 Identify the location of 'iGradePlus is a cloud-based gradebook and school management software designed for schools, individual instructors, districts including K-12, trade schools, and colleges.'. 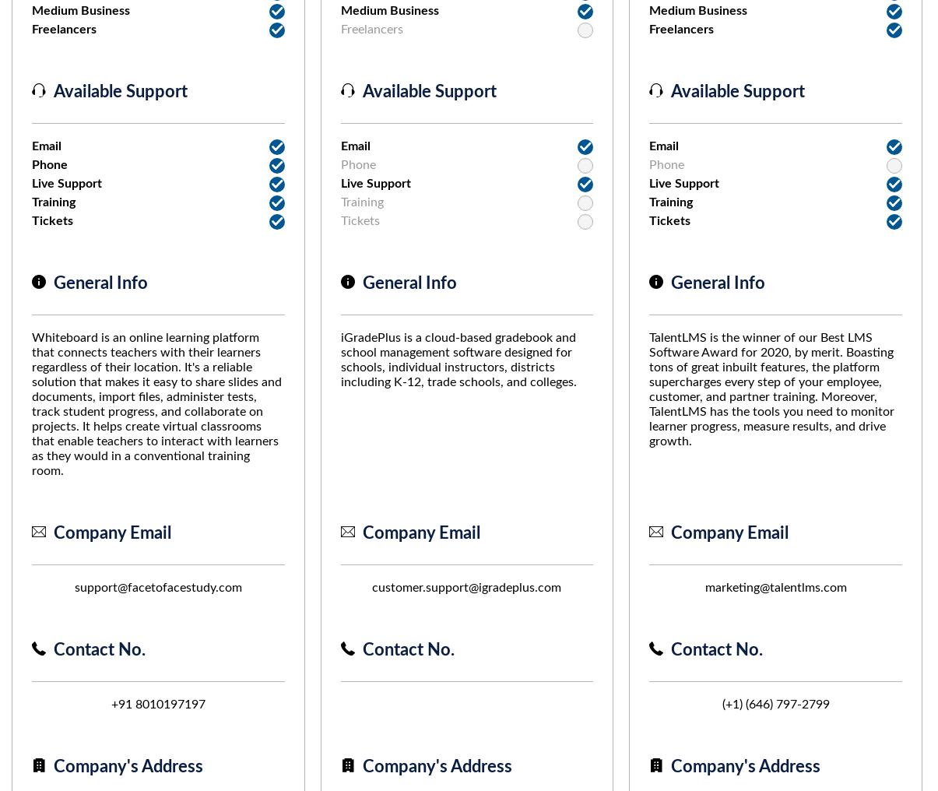
(457, 360).